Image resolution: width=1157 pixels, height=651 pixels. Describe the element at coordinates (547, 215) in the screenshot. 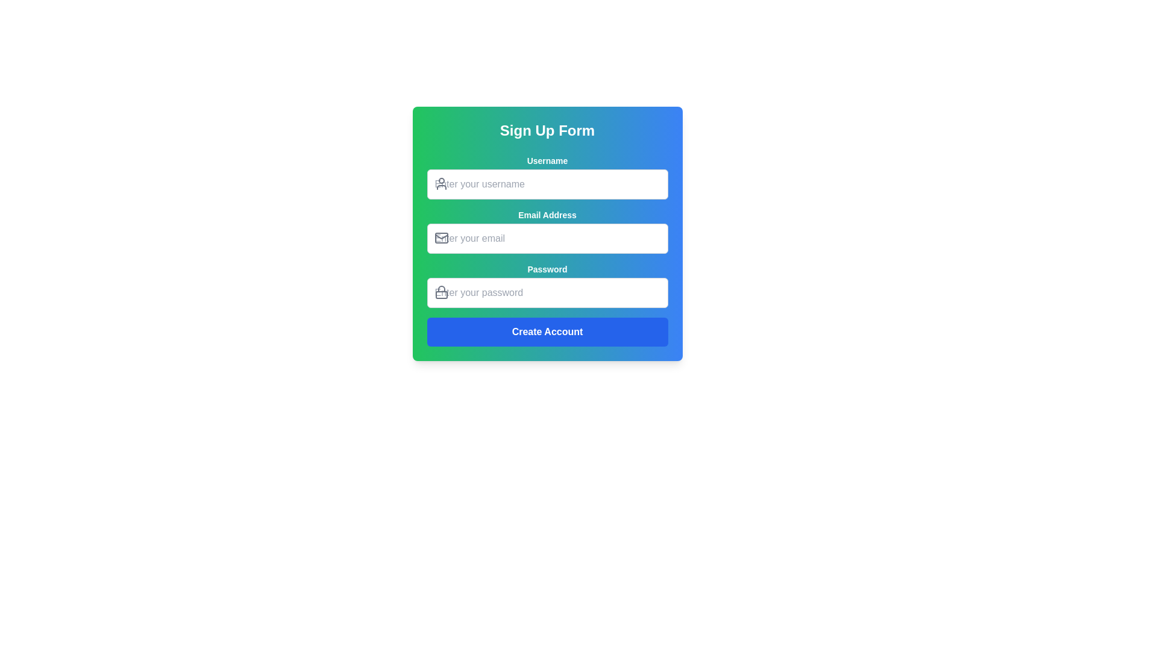

I see `the email address label in the sign-up form, which is the second label under 'Sign Up Form' and is positioned above the email input field` at that location.